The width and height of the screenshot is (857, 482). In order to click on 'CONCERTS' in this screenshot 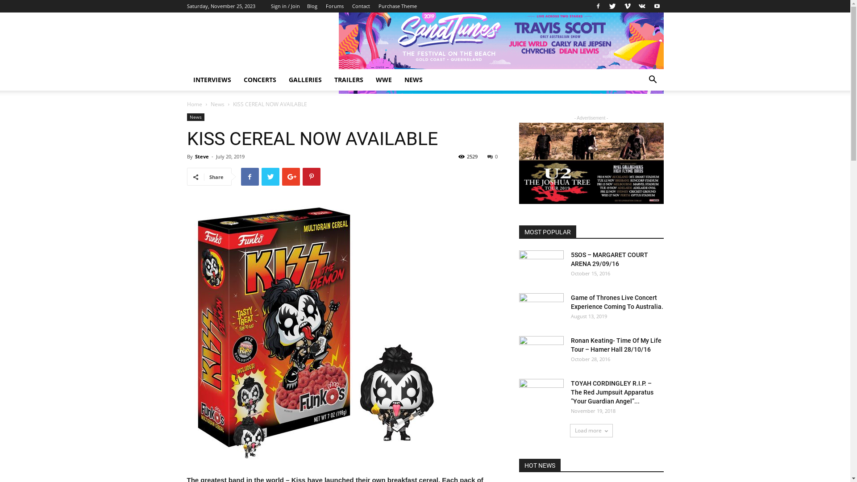, I will do `click(259, 79)`.